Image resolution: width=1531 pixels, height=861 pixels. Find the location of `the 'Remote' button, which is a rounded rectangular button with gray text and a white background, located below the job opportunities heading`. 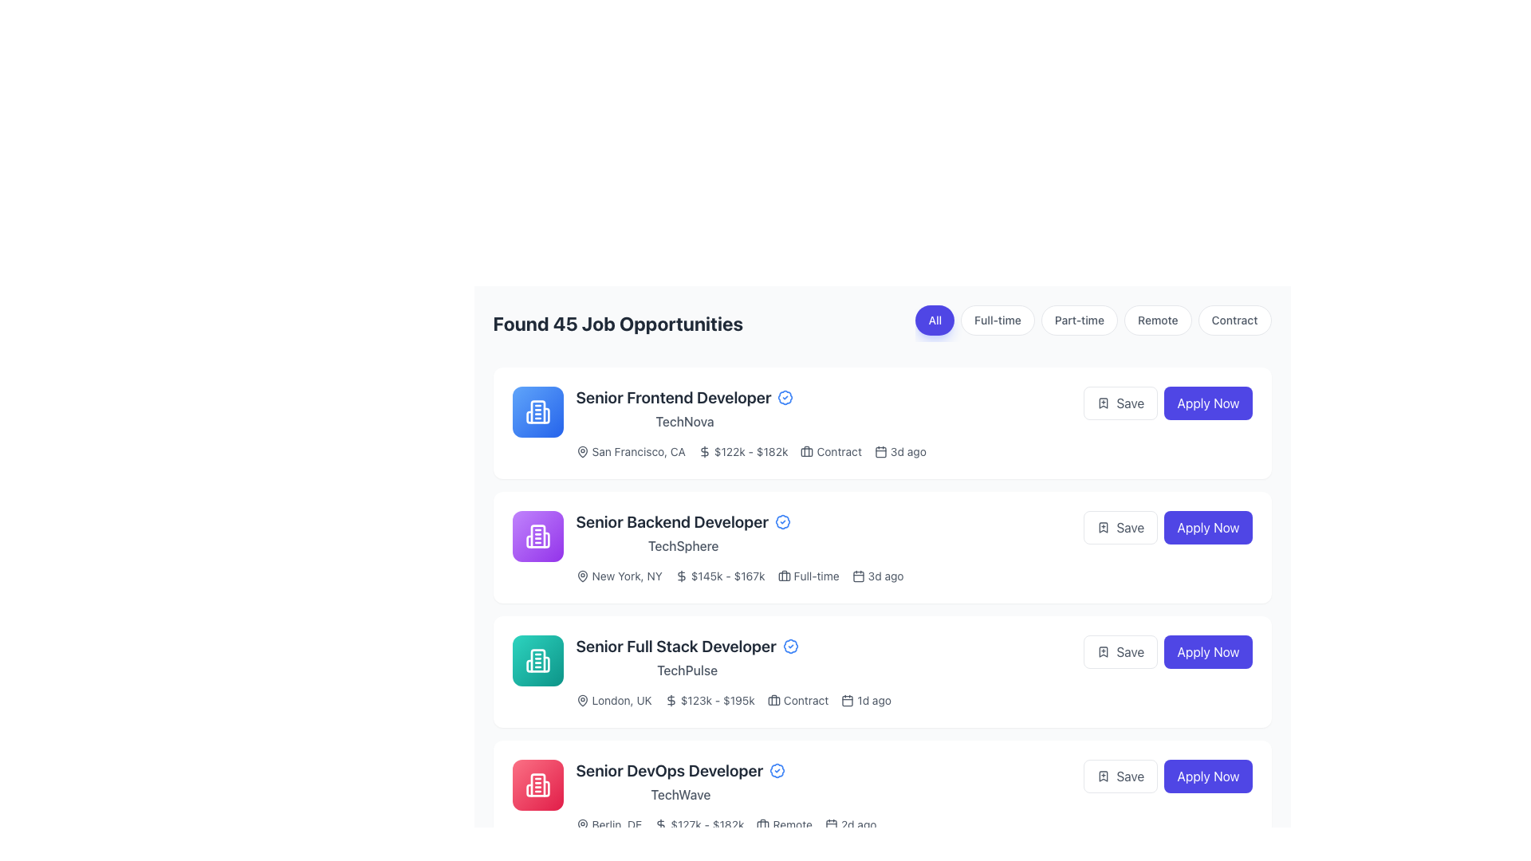

the 'Remote' button, which is a rounded rectangular button with gray text and a white background, located below the job opportunities heading is located at coordinates (1158, 320).